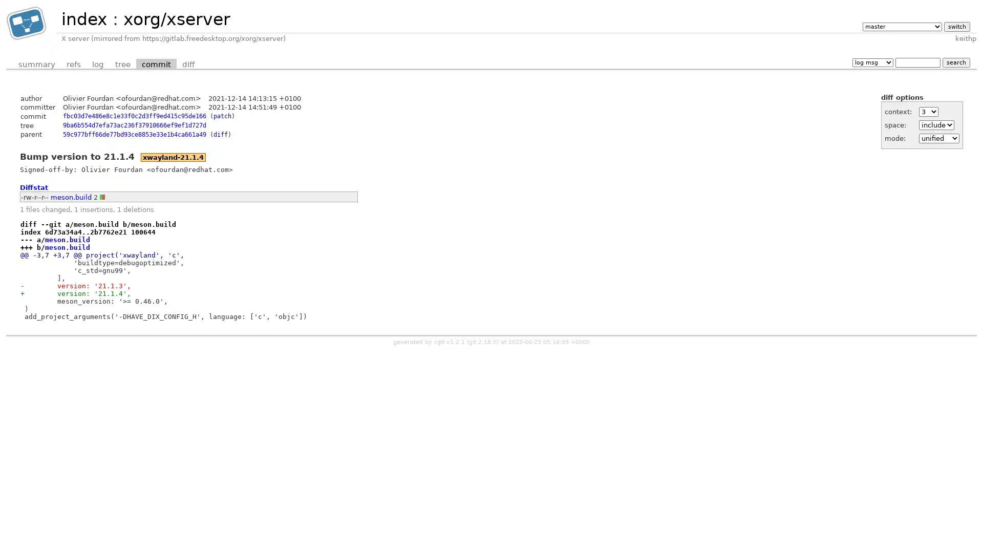  I want to click on search, so click(955, 62).